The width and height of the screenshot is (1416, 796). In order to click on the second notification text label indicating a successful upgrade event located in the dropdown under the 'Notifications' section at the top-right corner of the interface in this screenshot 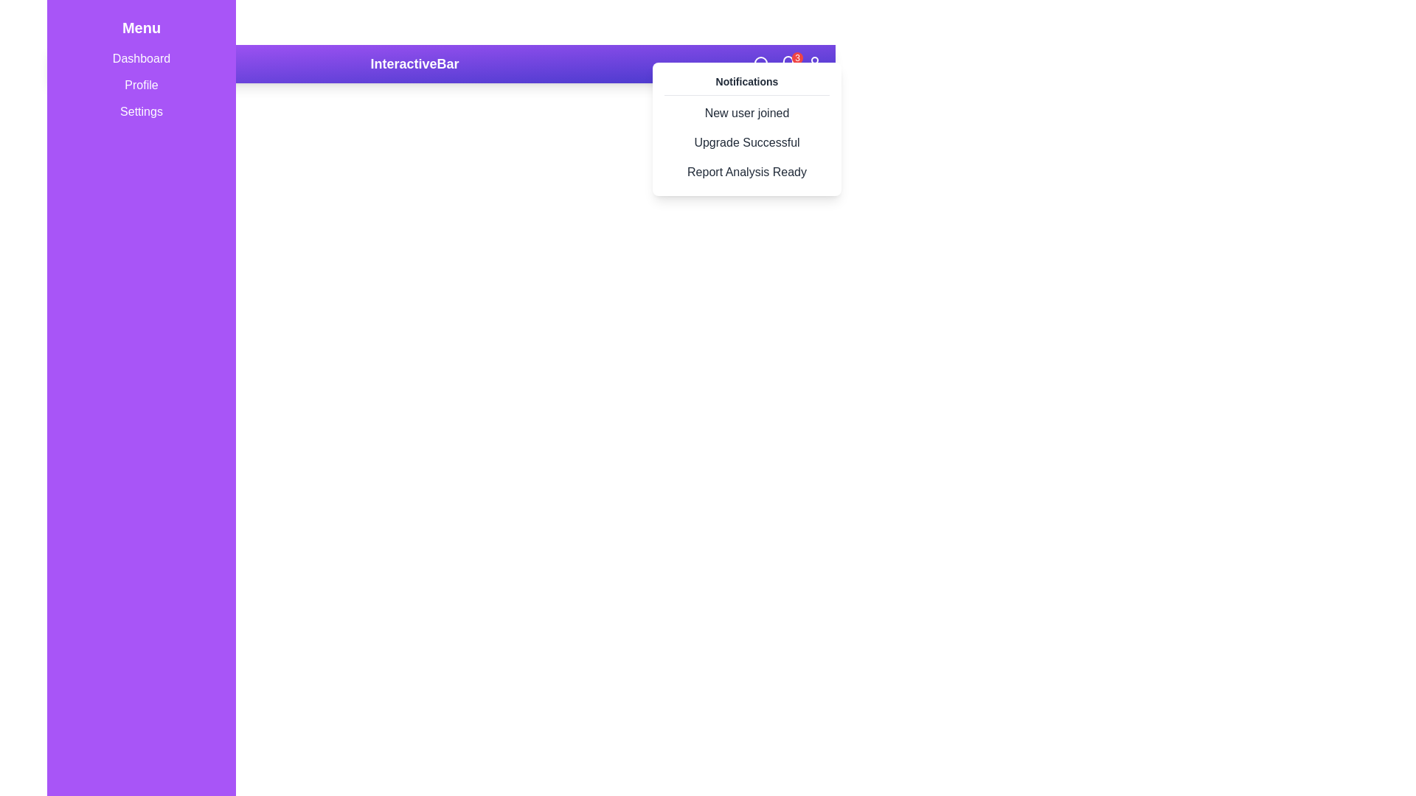, I will do `click(746, 142)`.